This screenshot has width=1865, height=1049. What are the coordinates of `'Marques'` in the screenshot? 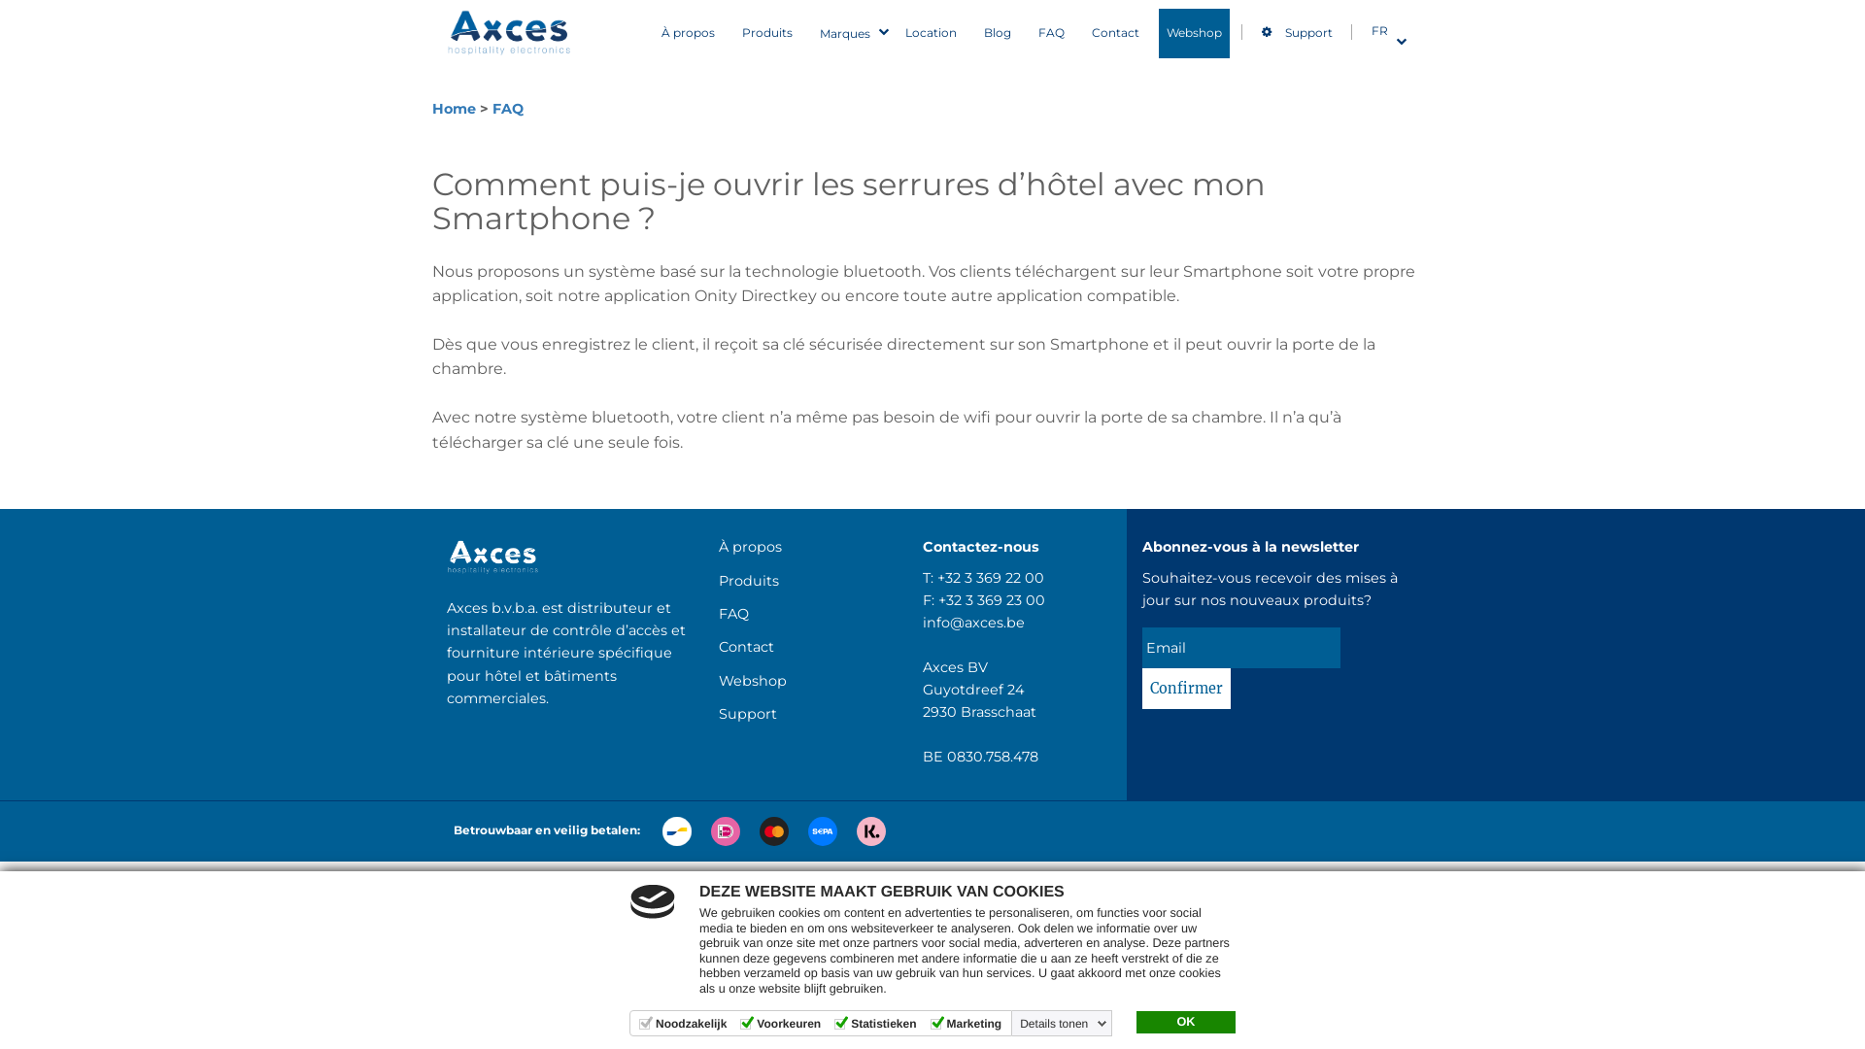 It's located at (848, 32).